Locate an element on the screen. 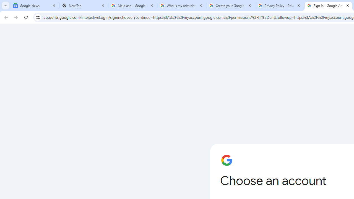  'Google News' is located at coordinates (34, 6).